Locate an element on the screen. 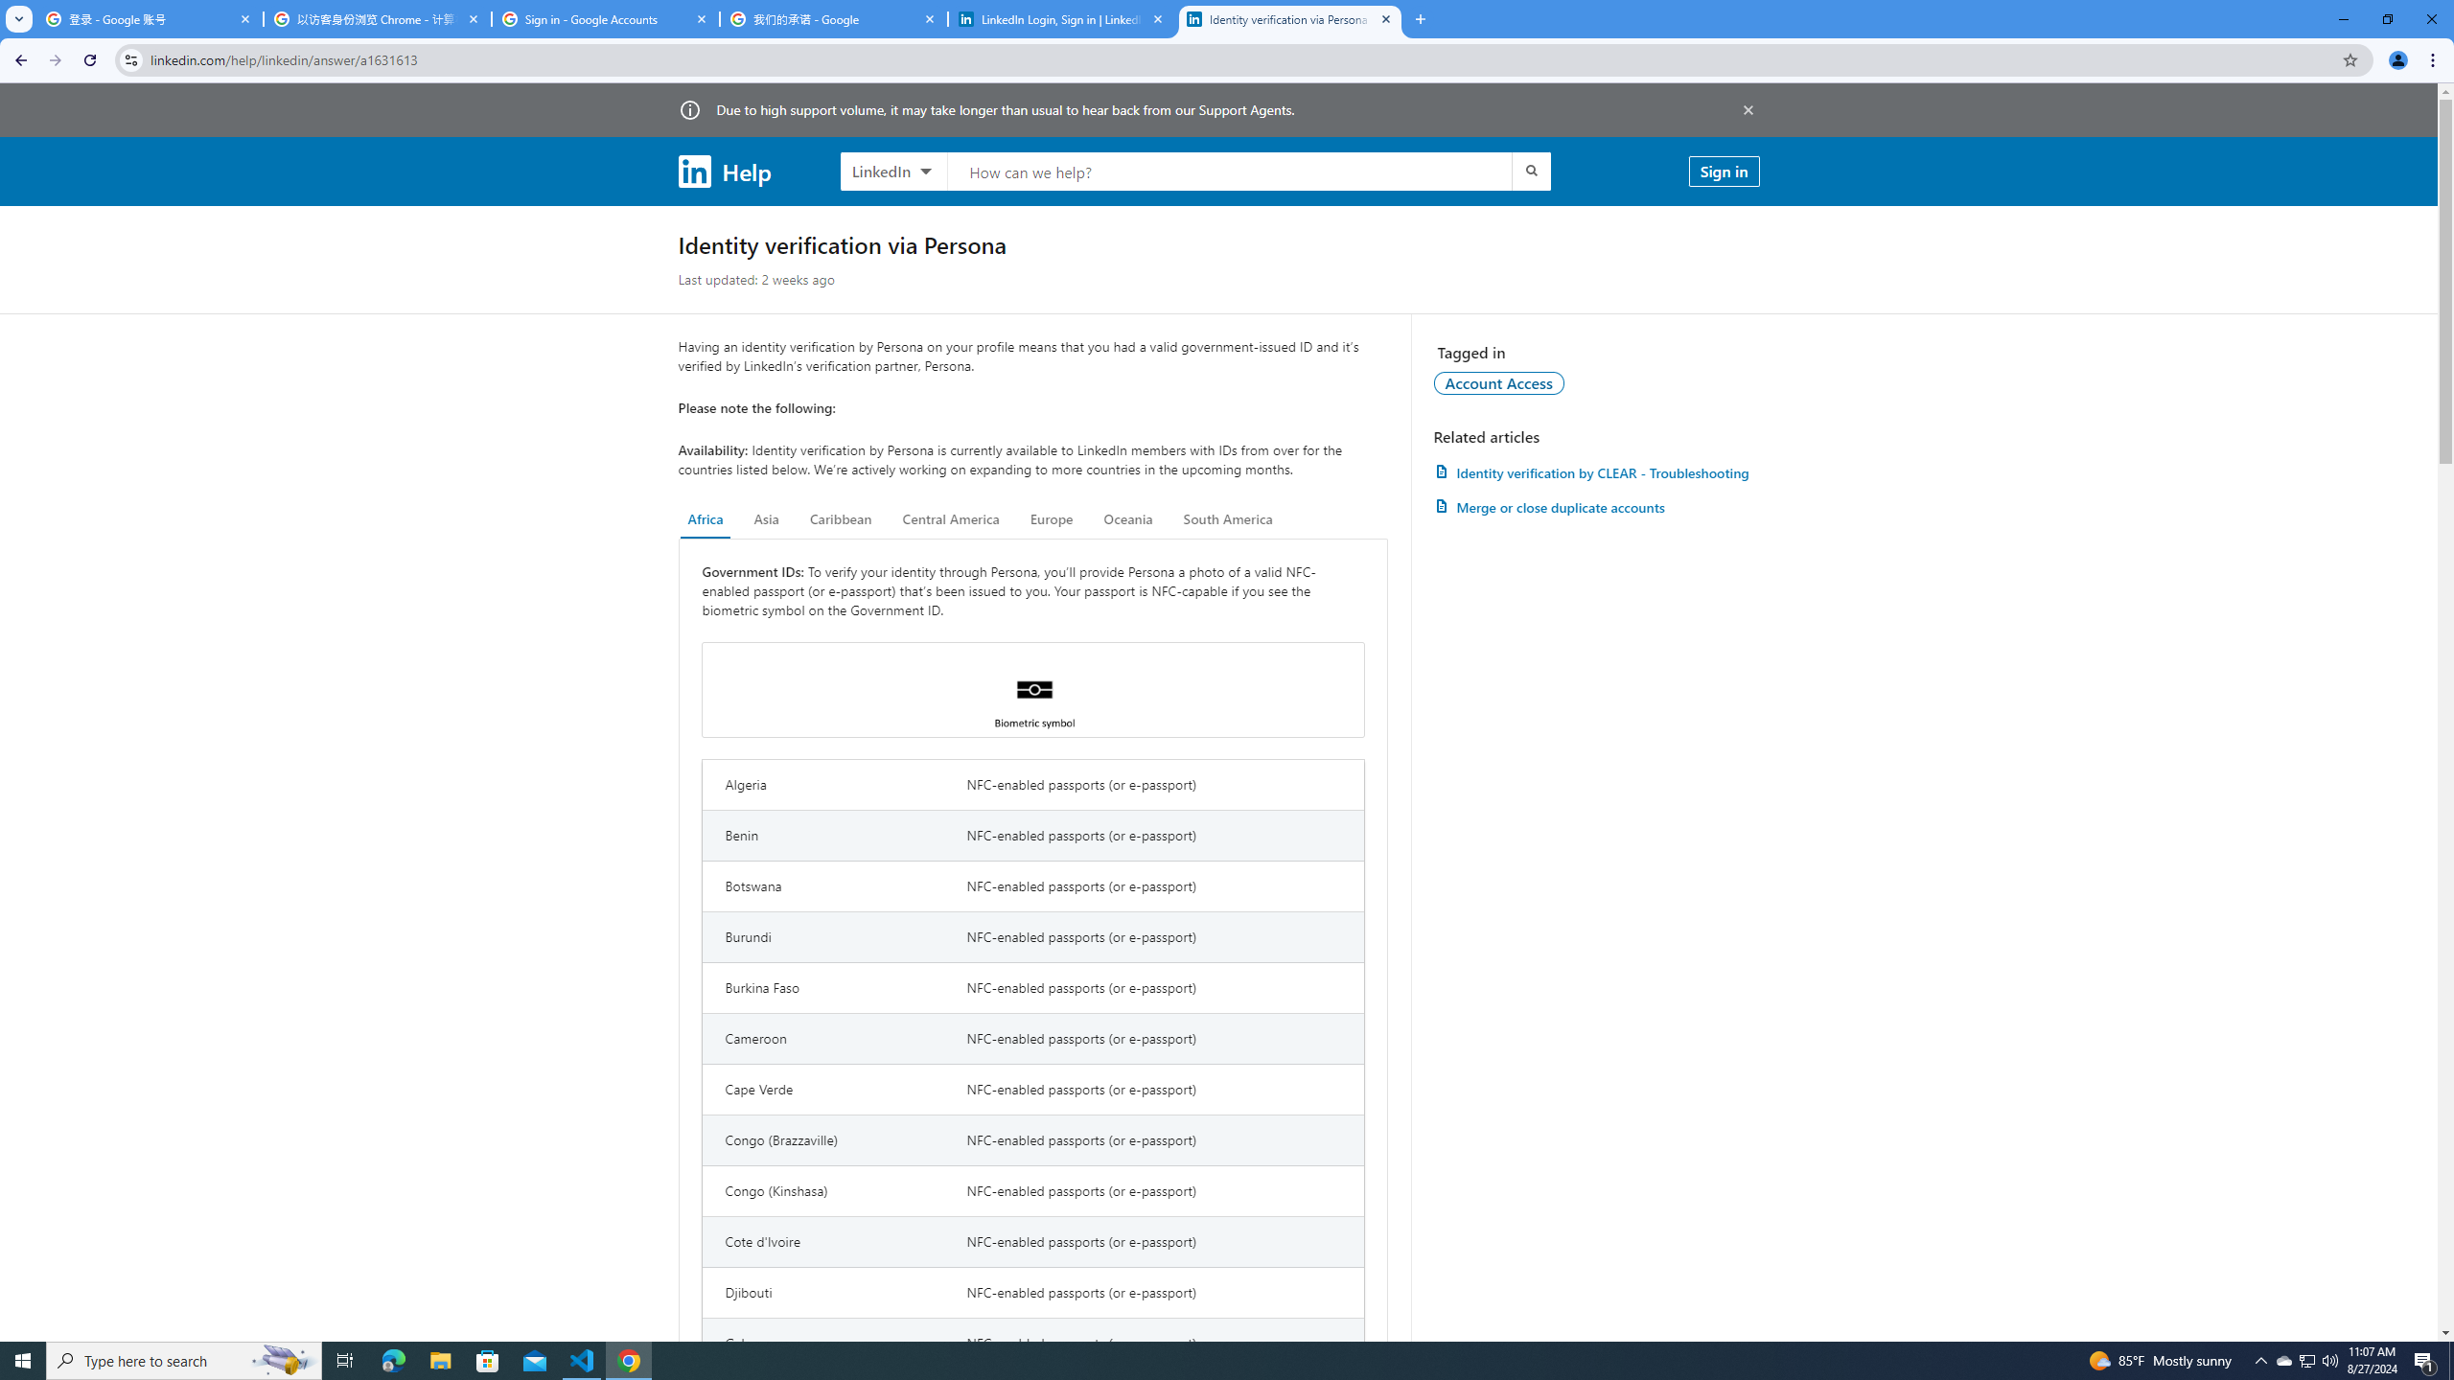 Image resolution: width=2454 pixels, height=1380 pixels. 'Asia' is located at coordinates (766, 518).